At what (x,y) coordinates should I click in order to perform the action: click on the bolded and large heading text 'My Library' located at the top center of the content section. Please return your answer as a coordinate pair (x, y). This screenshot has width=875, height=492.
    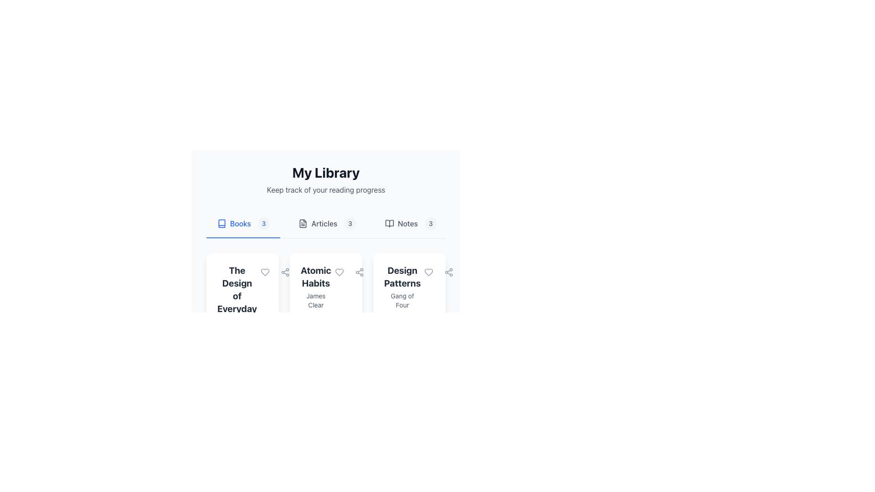
    Looking at the image, I should click on (326, 172).